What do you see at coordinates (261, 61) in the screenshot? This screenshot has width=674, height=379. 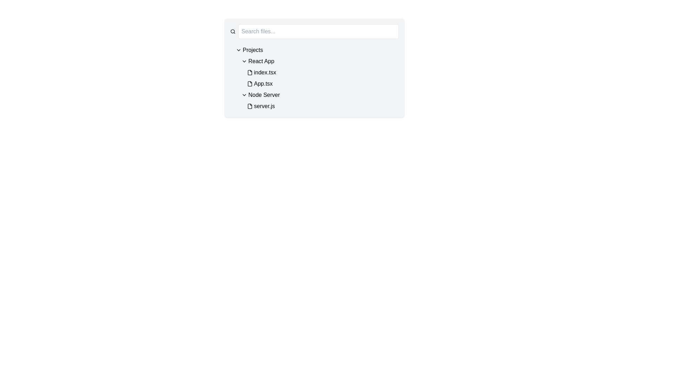 I see `the first selectable menu item under the 'Projects' heading` at bounding box center [261, 61].